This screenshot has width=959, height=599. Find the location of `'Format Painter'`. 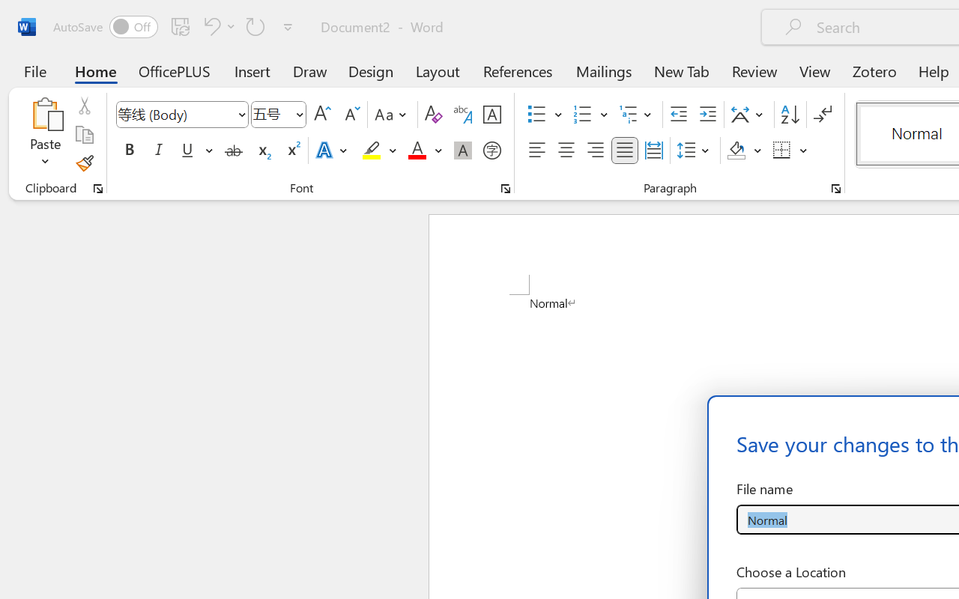

'Format Painter' is located at coordinates (83, 163).